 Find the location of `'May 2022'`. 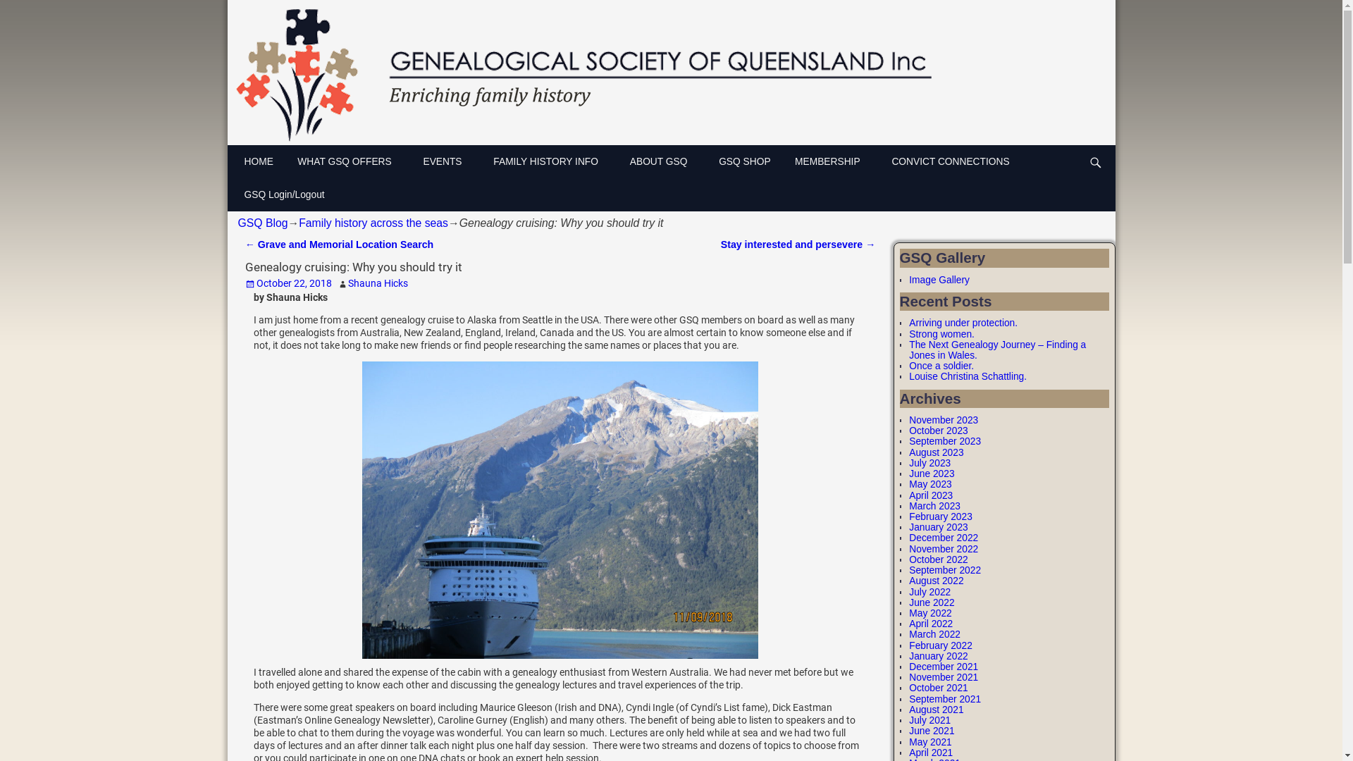

'May 2022' is located at coordinates (930, 612).